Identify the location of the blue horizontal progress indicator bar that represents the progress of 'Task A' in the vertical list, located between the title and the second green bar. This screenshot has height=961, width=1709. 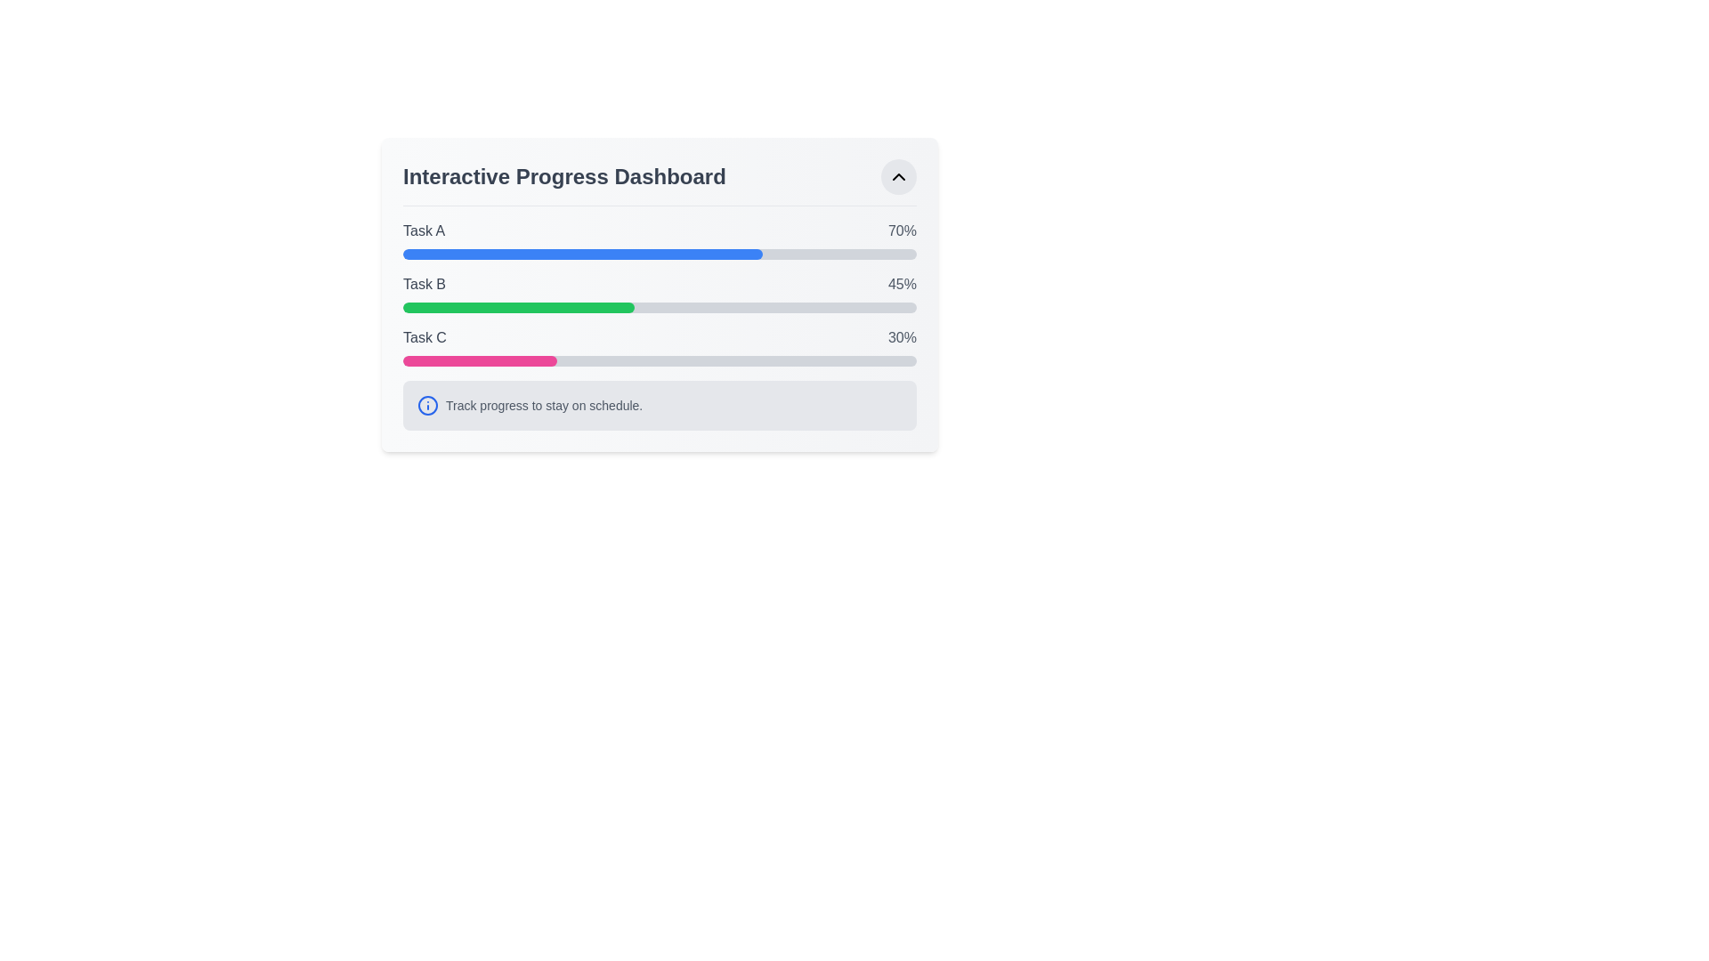
(582, 254).